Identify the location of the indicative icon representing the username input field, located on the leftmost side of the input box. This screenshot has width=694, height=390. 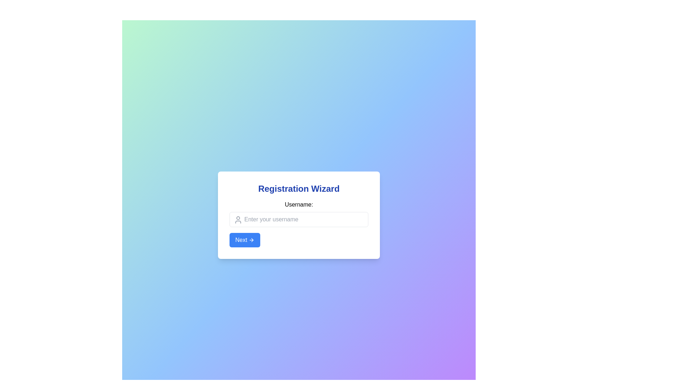
(238, 220).